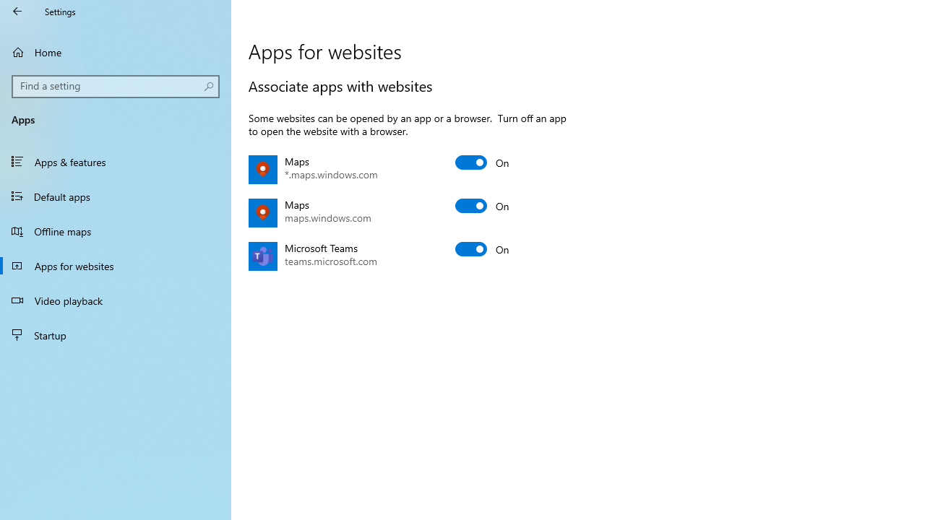 Image resolution: width=925 pixels, height=520 pixels. Describe the element at coordinates (116, 161) in the screenshot. I see `'Apps & features'` at that location.